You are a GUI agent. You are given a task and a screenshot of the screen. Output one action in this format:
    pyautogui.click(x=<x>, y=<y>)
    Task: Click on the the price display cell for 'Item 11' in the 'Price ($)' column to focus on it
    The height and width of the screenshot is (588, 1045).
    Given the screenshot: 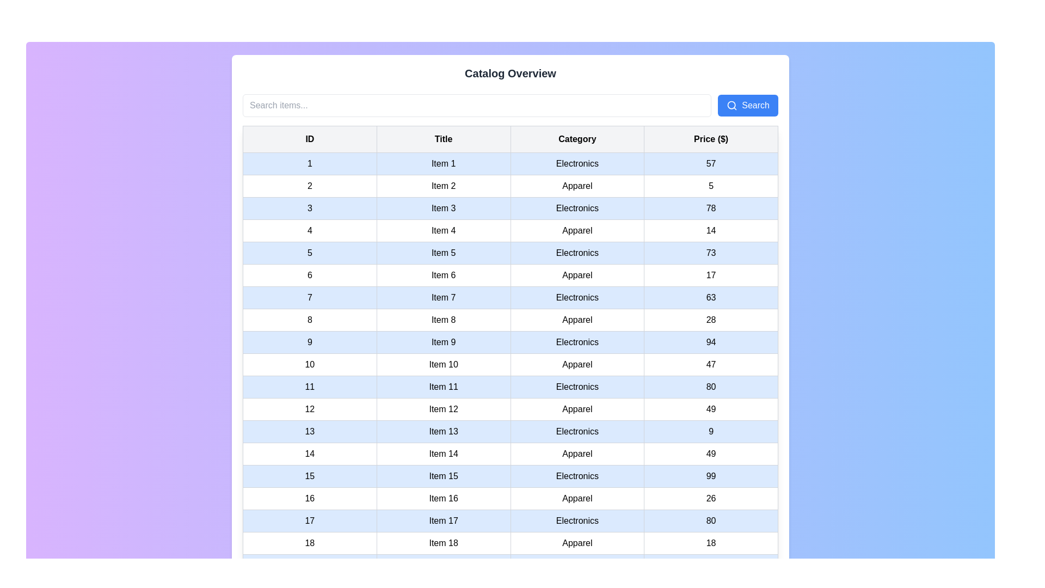 What is the action you would take?
    pyautogui.click(x=711, y=386)
    